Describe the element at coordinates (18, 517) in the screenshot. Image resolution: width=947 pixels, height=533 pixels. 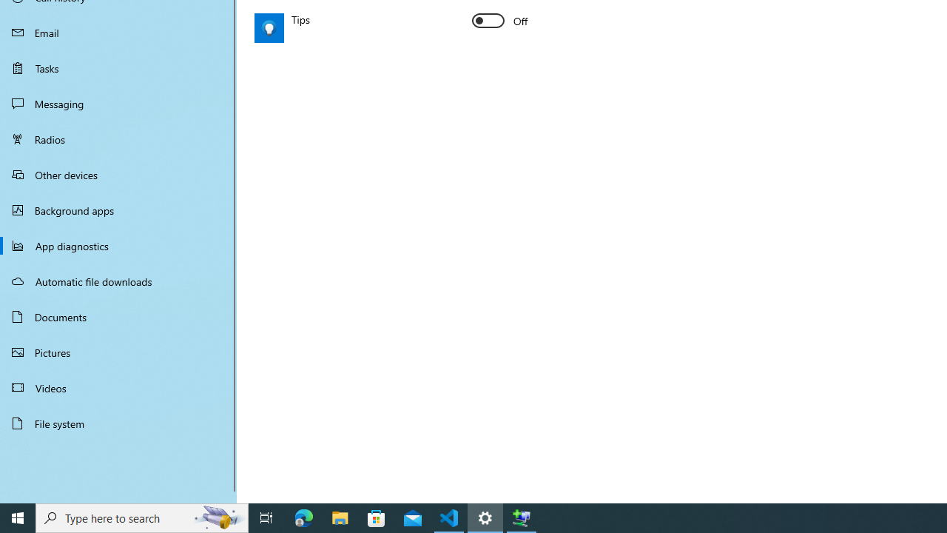
I see `'Start'` at that location.